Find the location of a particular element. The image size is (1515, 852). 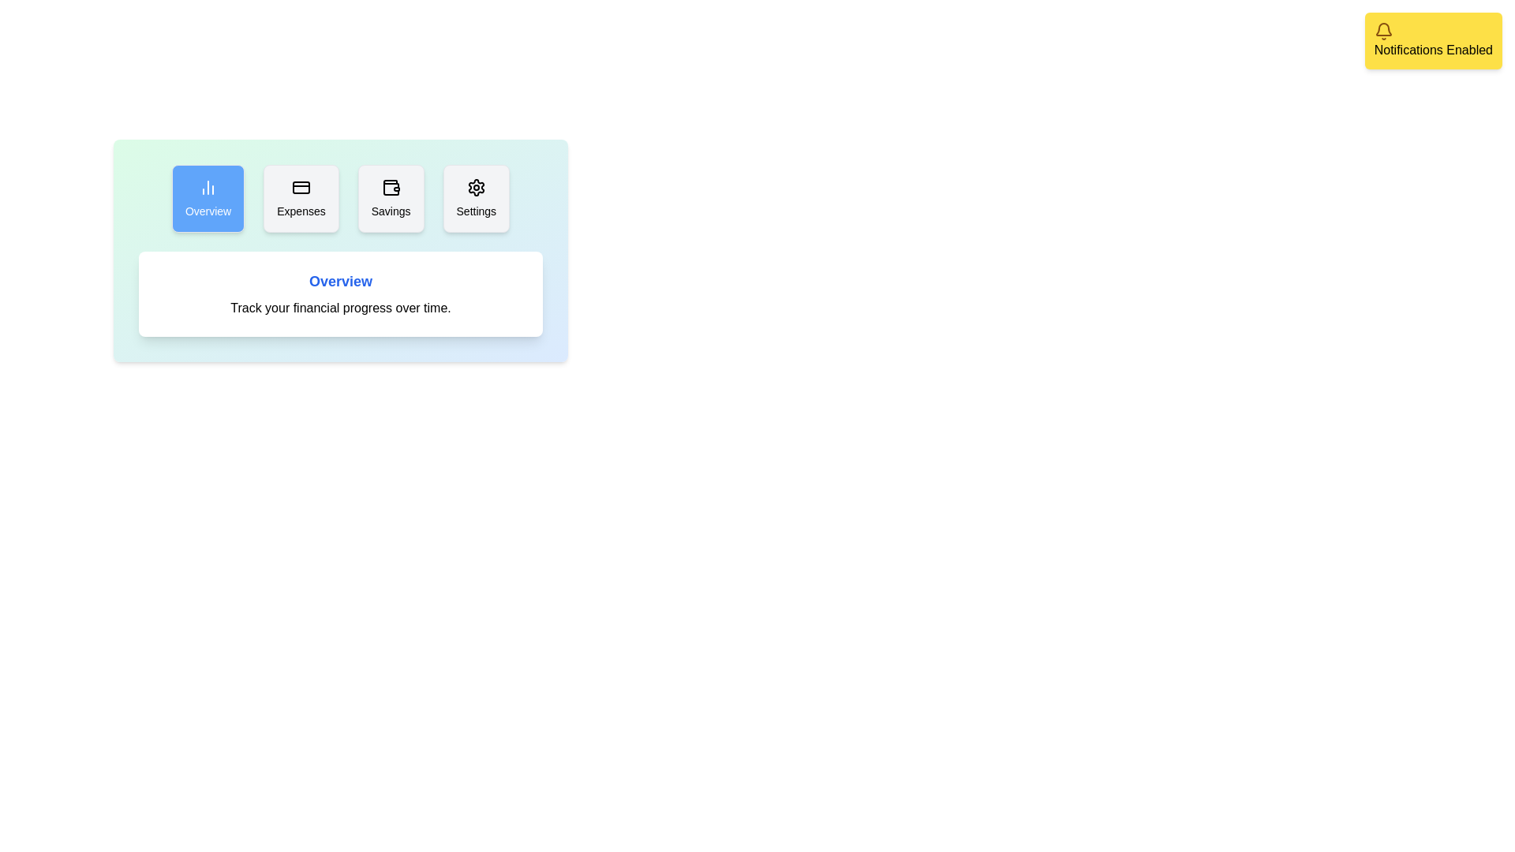

the tab Expenses by clicking on it is located at coordinates (301, 197).